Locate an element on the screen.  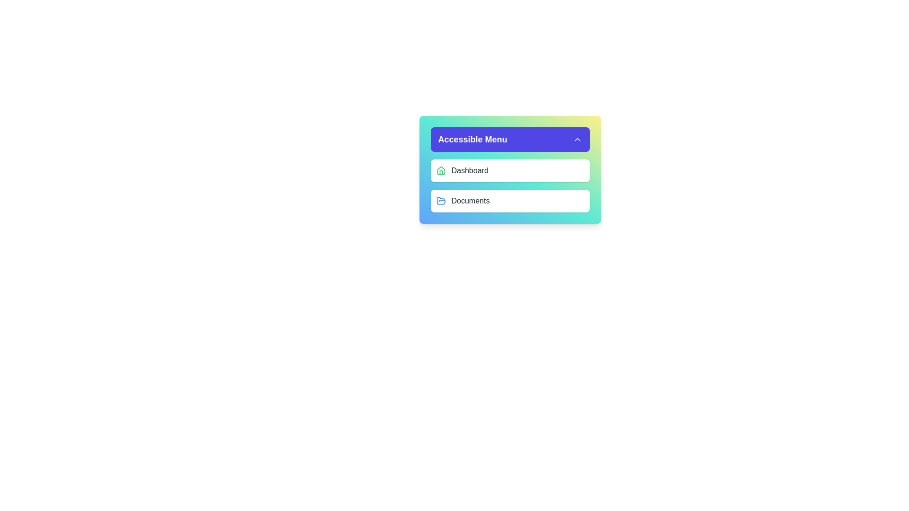
the 'Documents' menu icon, which visually represents the 'Documents' menu item located below the 'Dashboard' menu item is located at coordinates (440, 200).